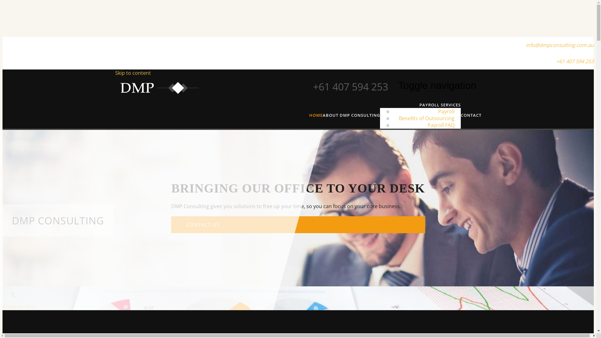 The width and height of the screenshot is (601, 338). What do you see at coordinates (560, 44) in the screenshot?
I see `'info@dmpconsulting.com.au'` at bounding box center [560, 44].